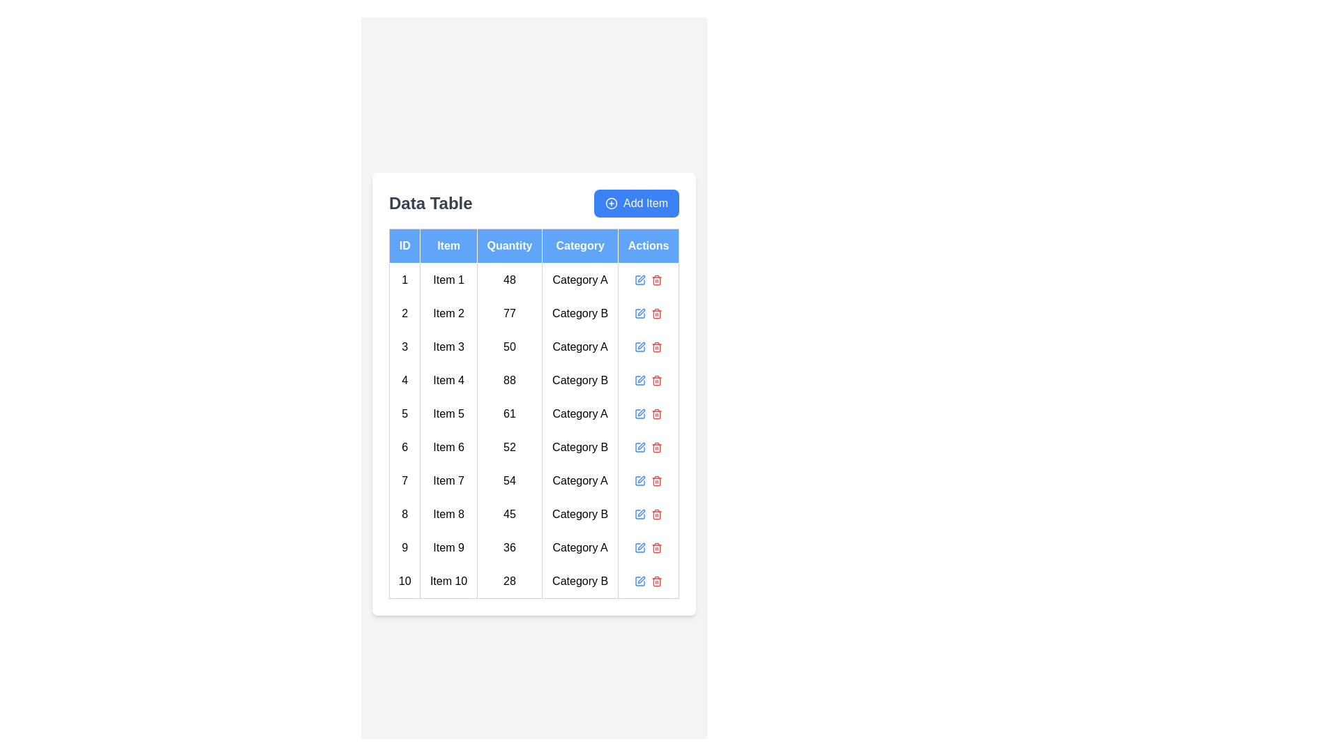 Image resolution: width=1339 pixels, height=753 pixels. I want to click on the table cell, so click(404, 447).